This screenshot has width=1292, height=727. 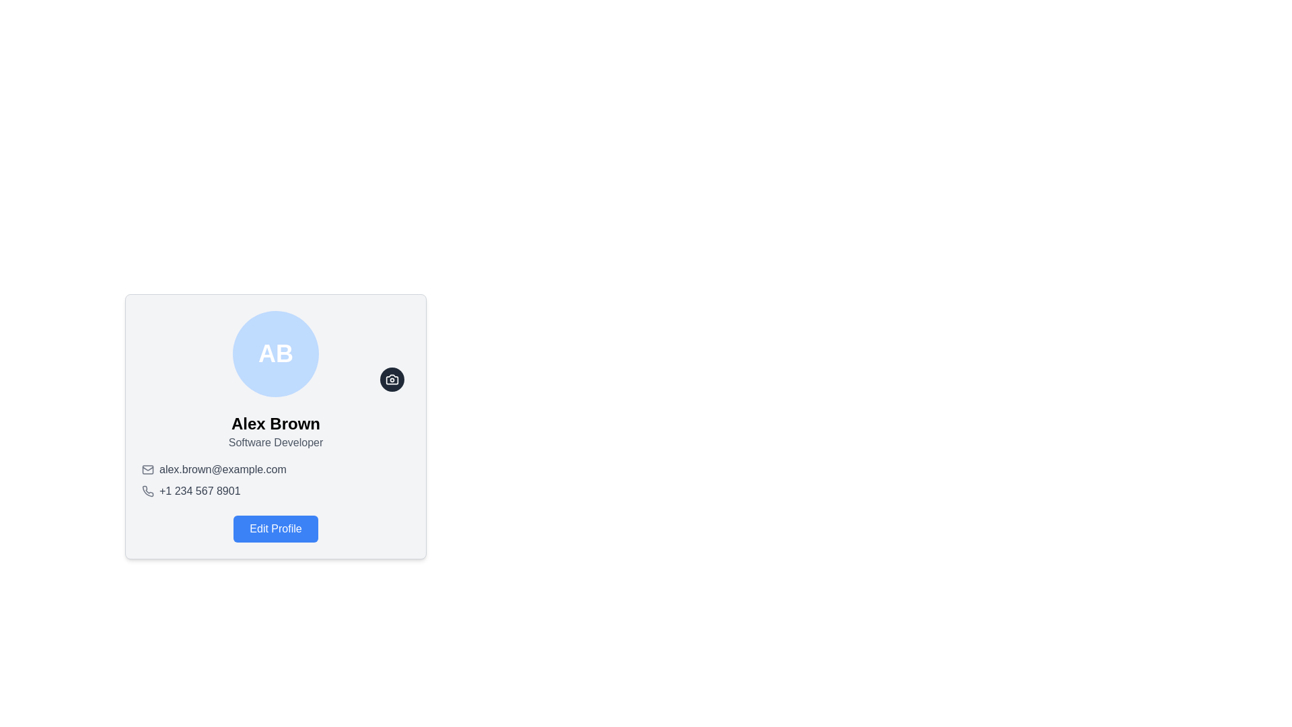 I want to click on the mail icon shaped like an envelope, which is located immediately to the left of the email address 'alex.brown@example.com', so click(x=148, y=469).